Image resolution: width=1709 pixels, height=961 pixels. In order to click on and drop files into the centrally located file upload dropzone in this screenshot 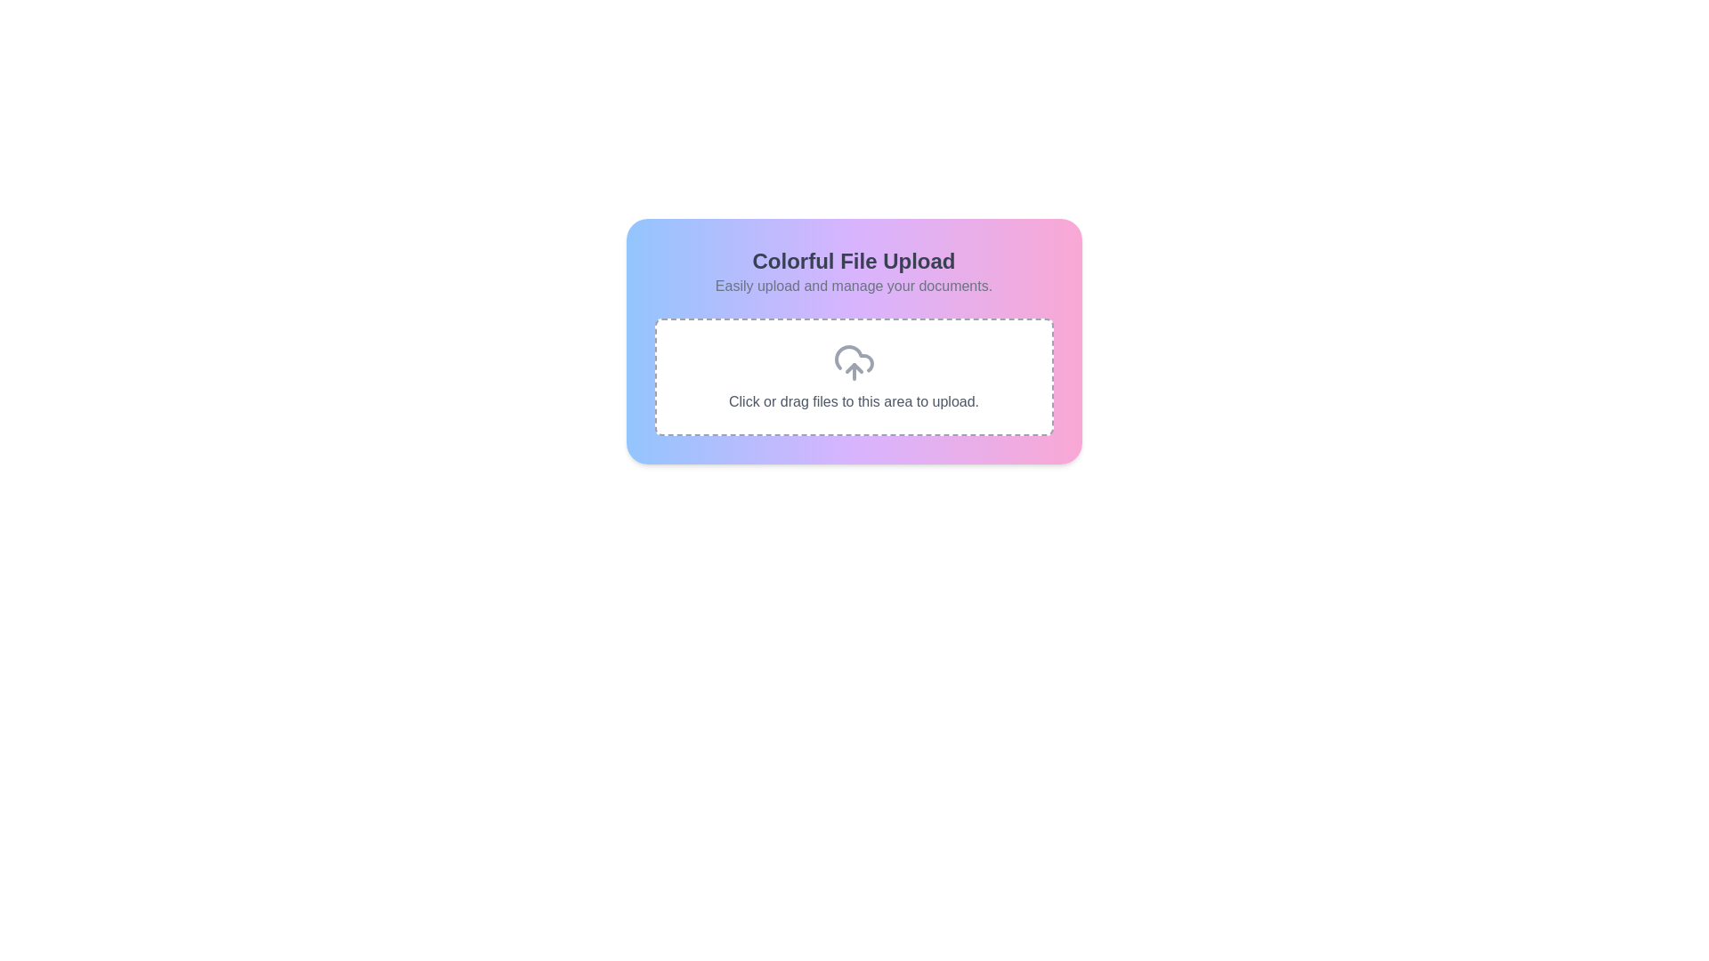, I will do `click(853, 376)`.